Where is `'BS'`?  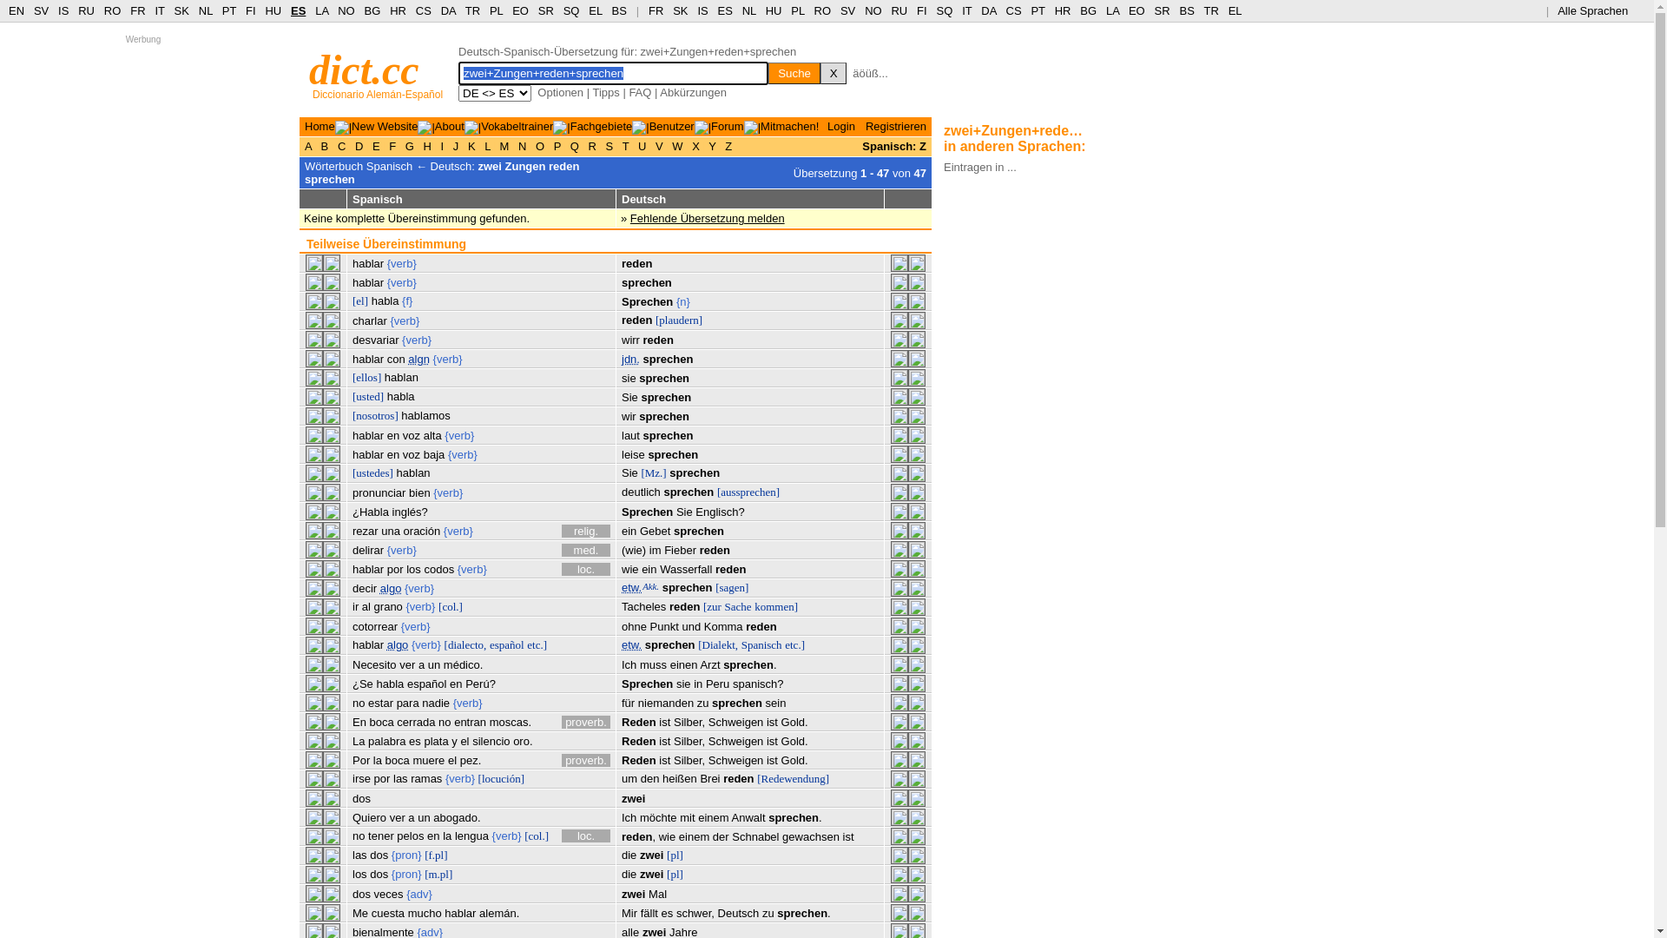 'BS' is located at coordinates (1185, 10).